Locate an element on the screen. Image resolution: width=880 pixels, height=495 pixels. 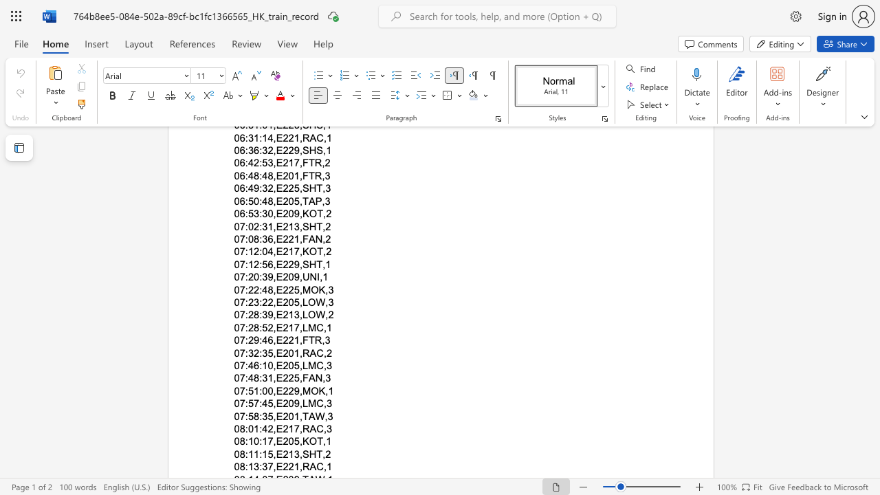
the subset text "52," within the text "07:28:52,E217,LMC,1" is located at coordinates (262, 327).